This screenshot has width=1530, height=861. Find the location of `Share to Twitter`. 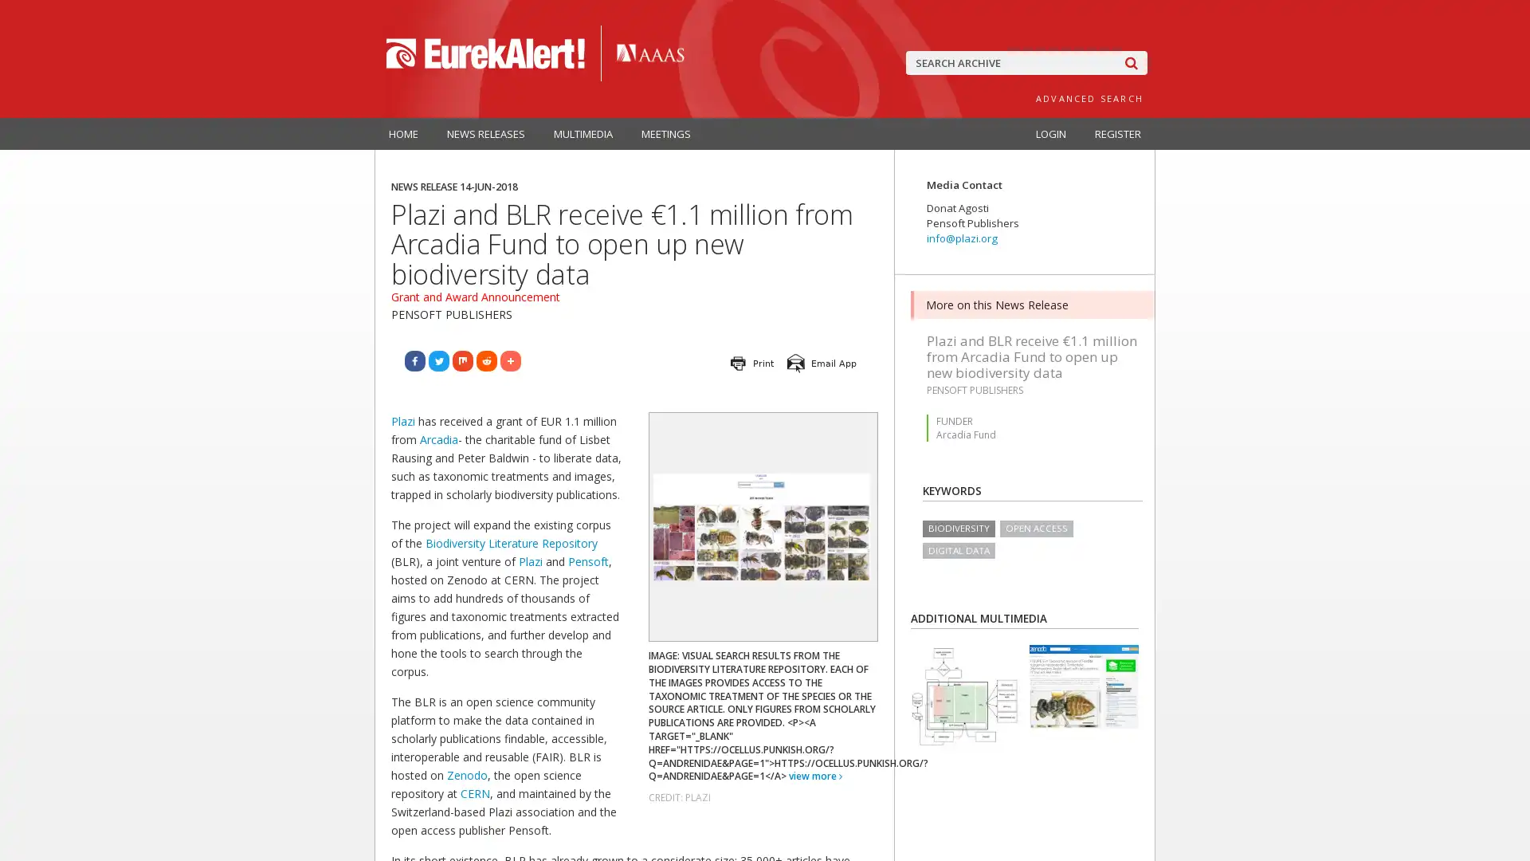

Share to Twitter is located at coordinates (439, 360).